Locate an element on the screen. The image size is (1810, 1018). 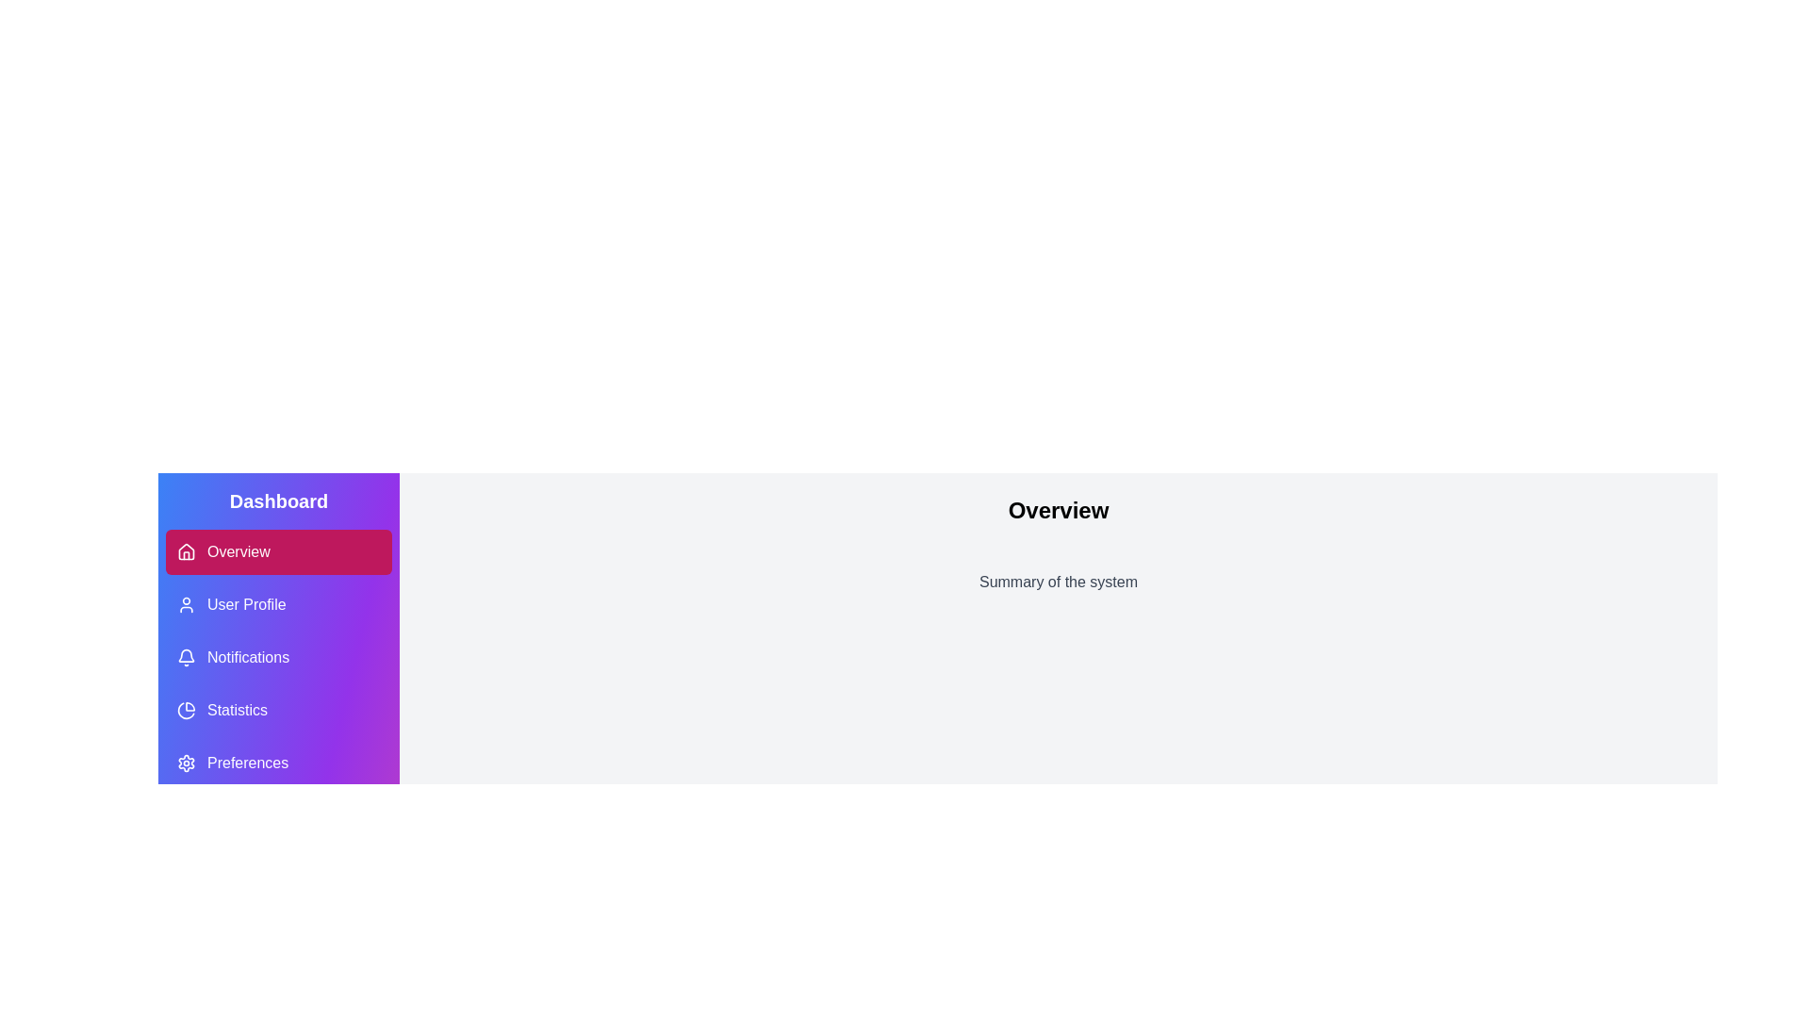
the settings icon located in the left navigation bar under the 'Preferences' label is located at coordinates (186, 763).